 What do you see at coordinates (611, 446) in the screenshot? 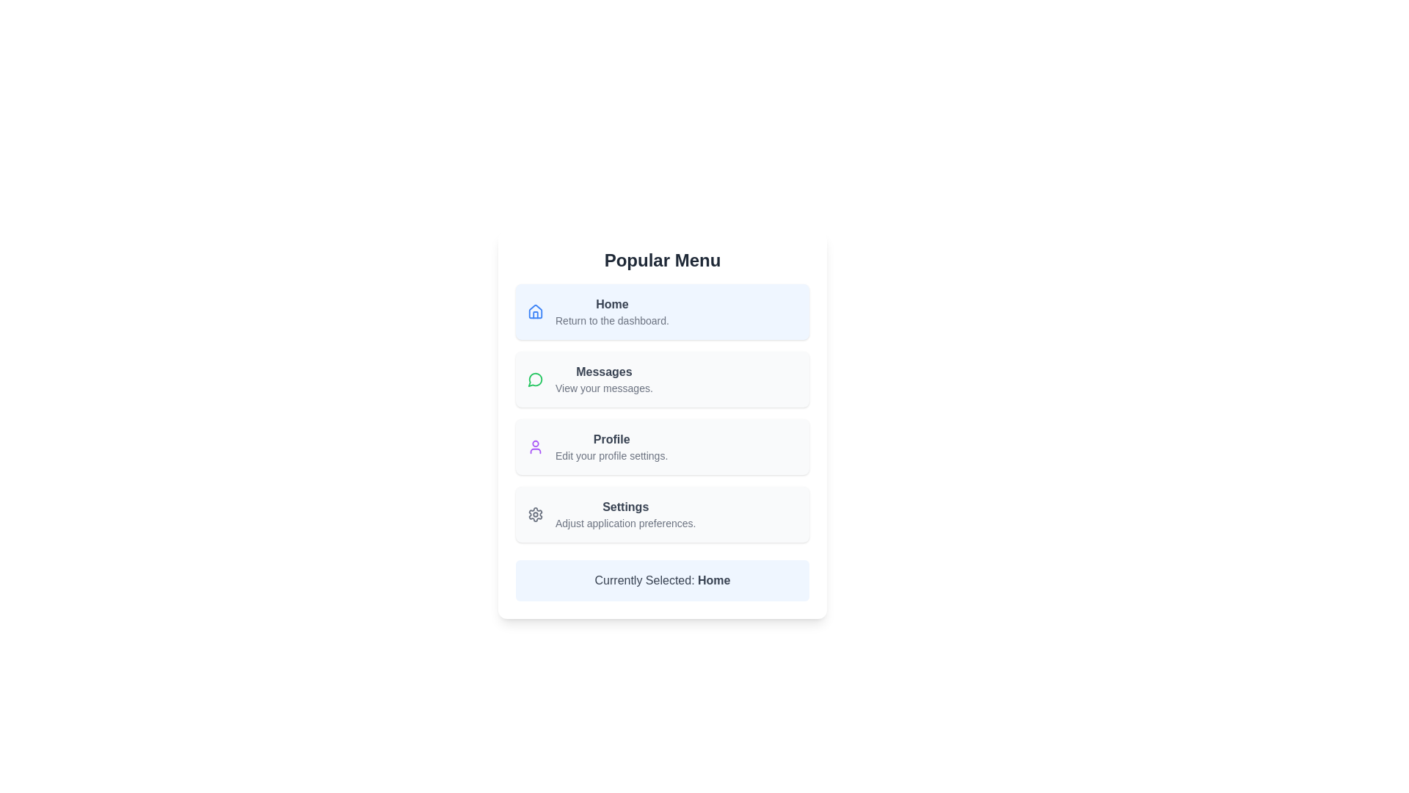
I see `the menu item labeled Profile` at bounding box center [611, 446].